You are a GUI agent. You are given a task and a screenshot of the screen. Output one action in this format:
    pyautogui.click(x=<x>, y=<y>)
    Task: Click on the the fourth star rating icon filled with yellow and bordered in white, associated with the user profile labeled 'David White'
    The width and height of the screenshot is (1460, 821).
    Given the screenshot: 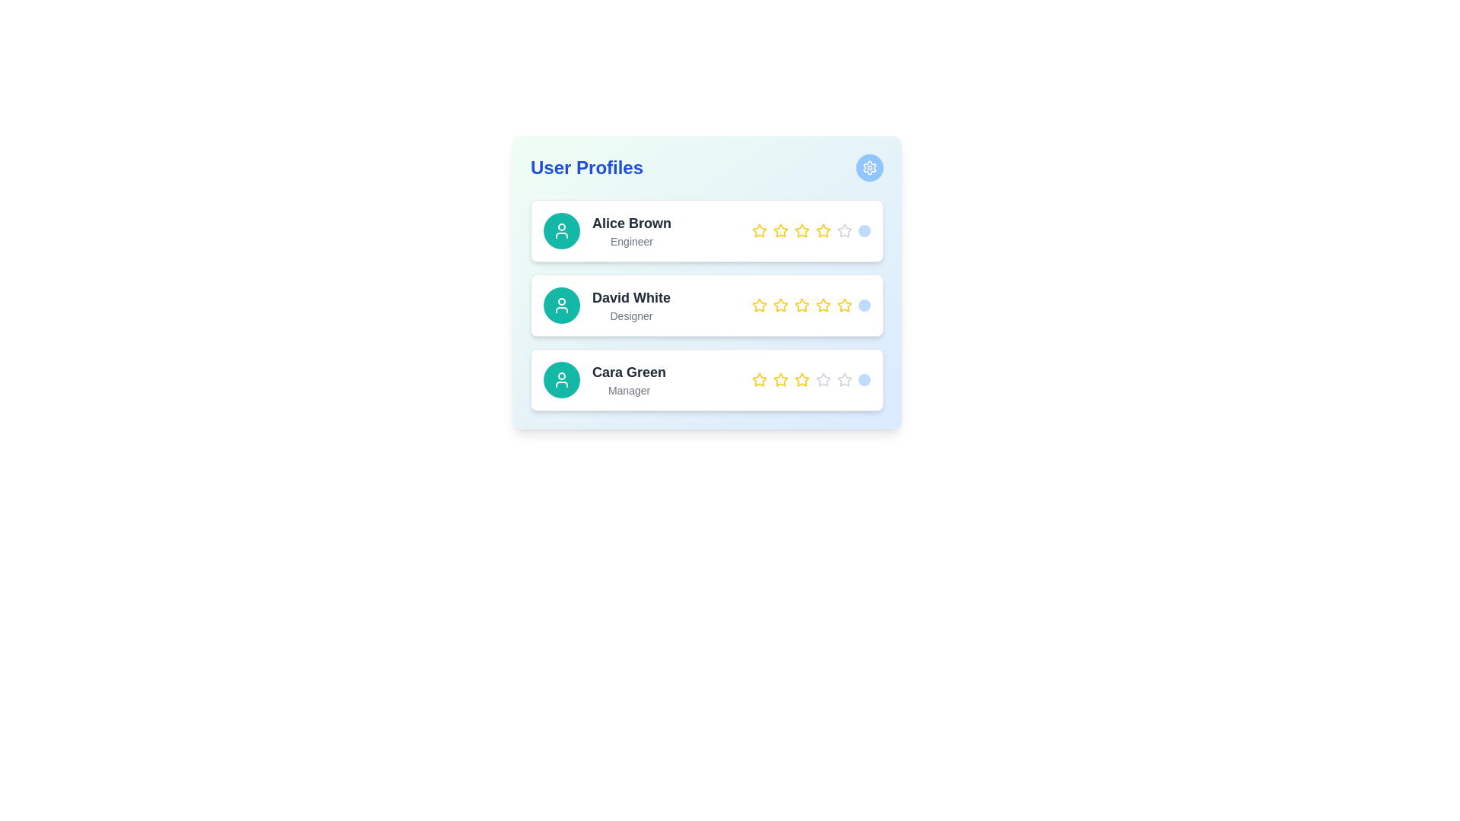 What is the action you would take?
    pyautogui.click(x=823, y=305)
    